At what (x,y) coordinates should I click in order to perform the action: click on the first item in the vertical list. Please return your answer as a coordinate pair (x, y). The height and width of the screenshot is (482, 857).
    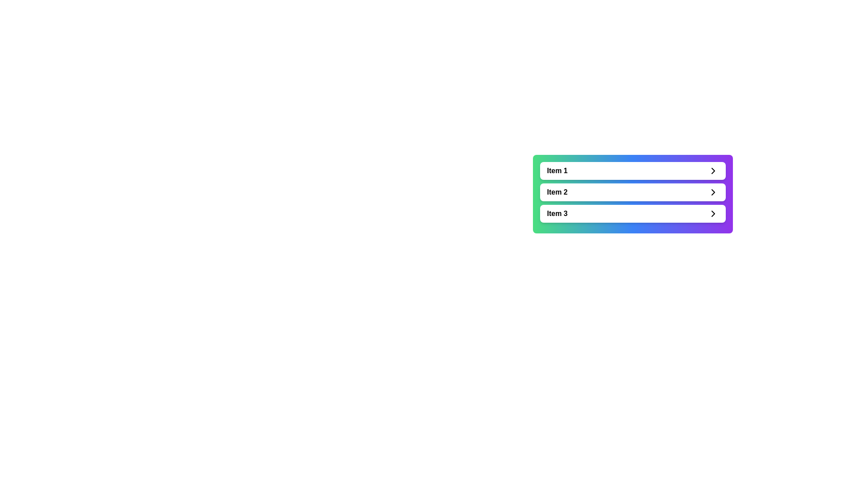
    Looking at the image, I should click on (632, 170).